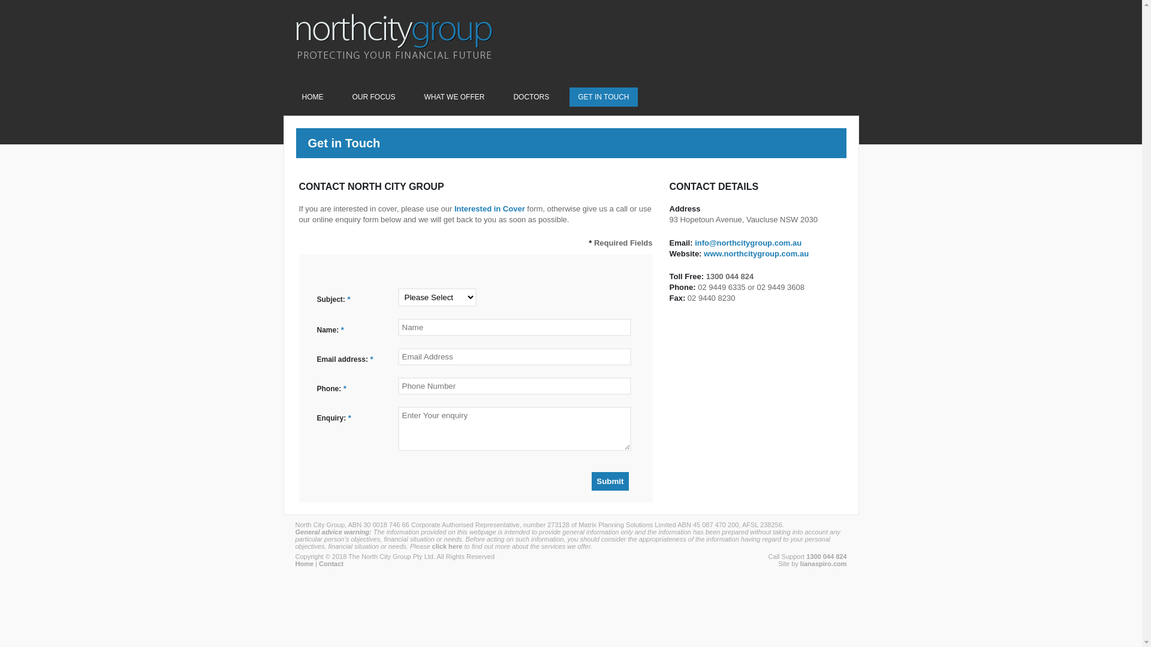 This screenshot has width=1151, height=647. I want to click on 'Contact', so click(331, 564).